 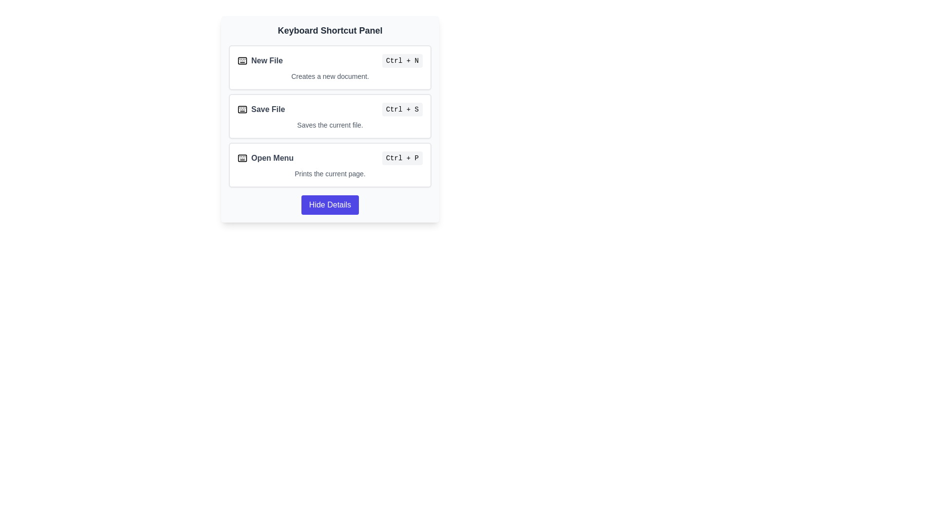 What do you see at coordinates (402, 60) in the screenshot?
I see `the Text label representing the keyboard shortcut for 'New File', which is located on the right side of the 'New File' row in the 'Keyboard Shortcut Panel'` at bounding box center [402, 60].